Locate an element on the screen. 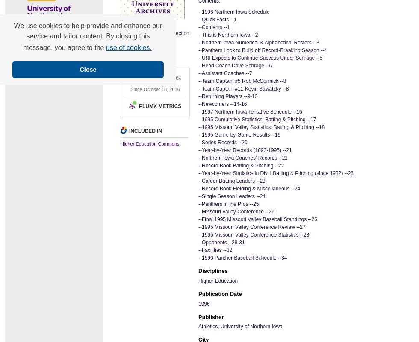  'Close' is located at coordinates (88, 70).